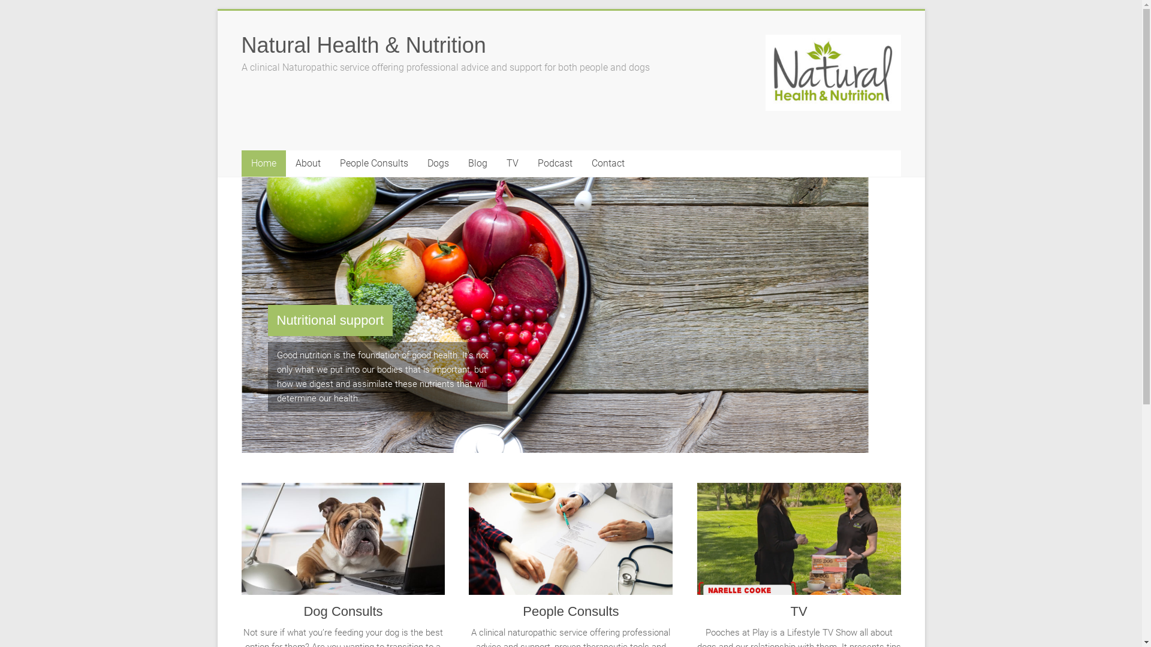  I want to click on 'TV', so click(512, 164).